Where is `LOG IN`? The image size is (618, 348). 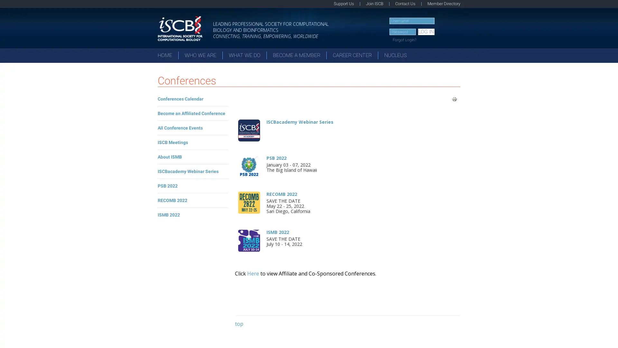
LOG IN is located at coordinates (426, 32).